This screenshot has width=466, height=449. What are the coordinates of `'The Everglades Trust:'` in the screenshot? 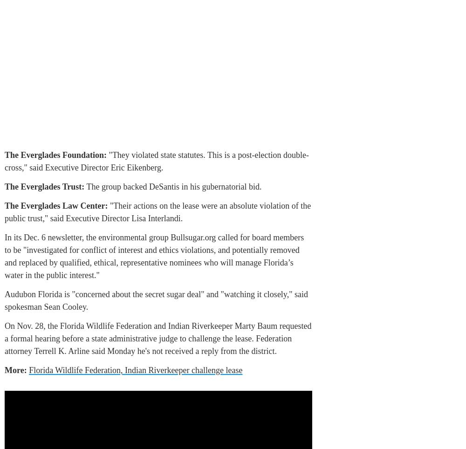 It's located at (44, 187).